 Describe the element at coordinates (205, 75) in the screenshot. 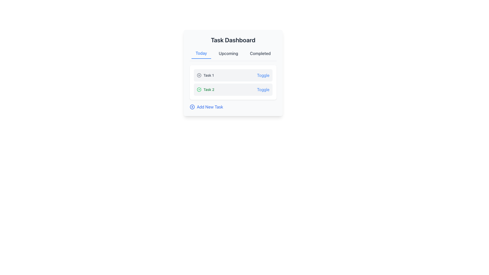

I see `the 'Task 1' text label, which is displayed in medium gray font within a light gray rounded rectangle, located between an 'X' icon and a 'Toggle' link, to engage with adjacent elements` at that location.